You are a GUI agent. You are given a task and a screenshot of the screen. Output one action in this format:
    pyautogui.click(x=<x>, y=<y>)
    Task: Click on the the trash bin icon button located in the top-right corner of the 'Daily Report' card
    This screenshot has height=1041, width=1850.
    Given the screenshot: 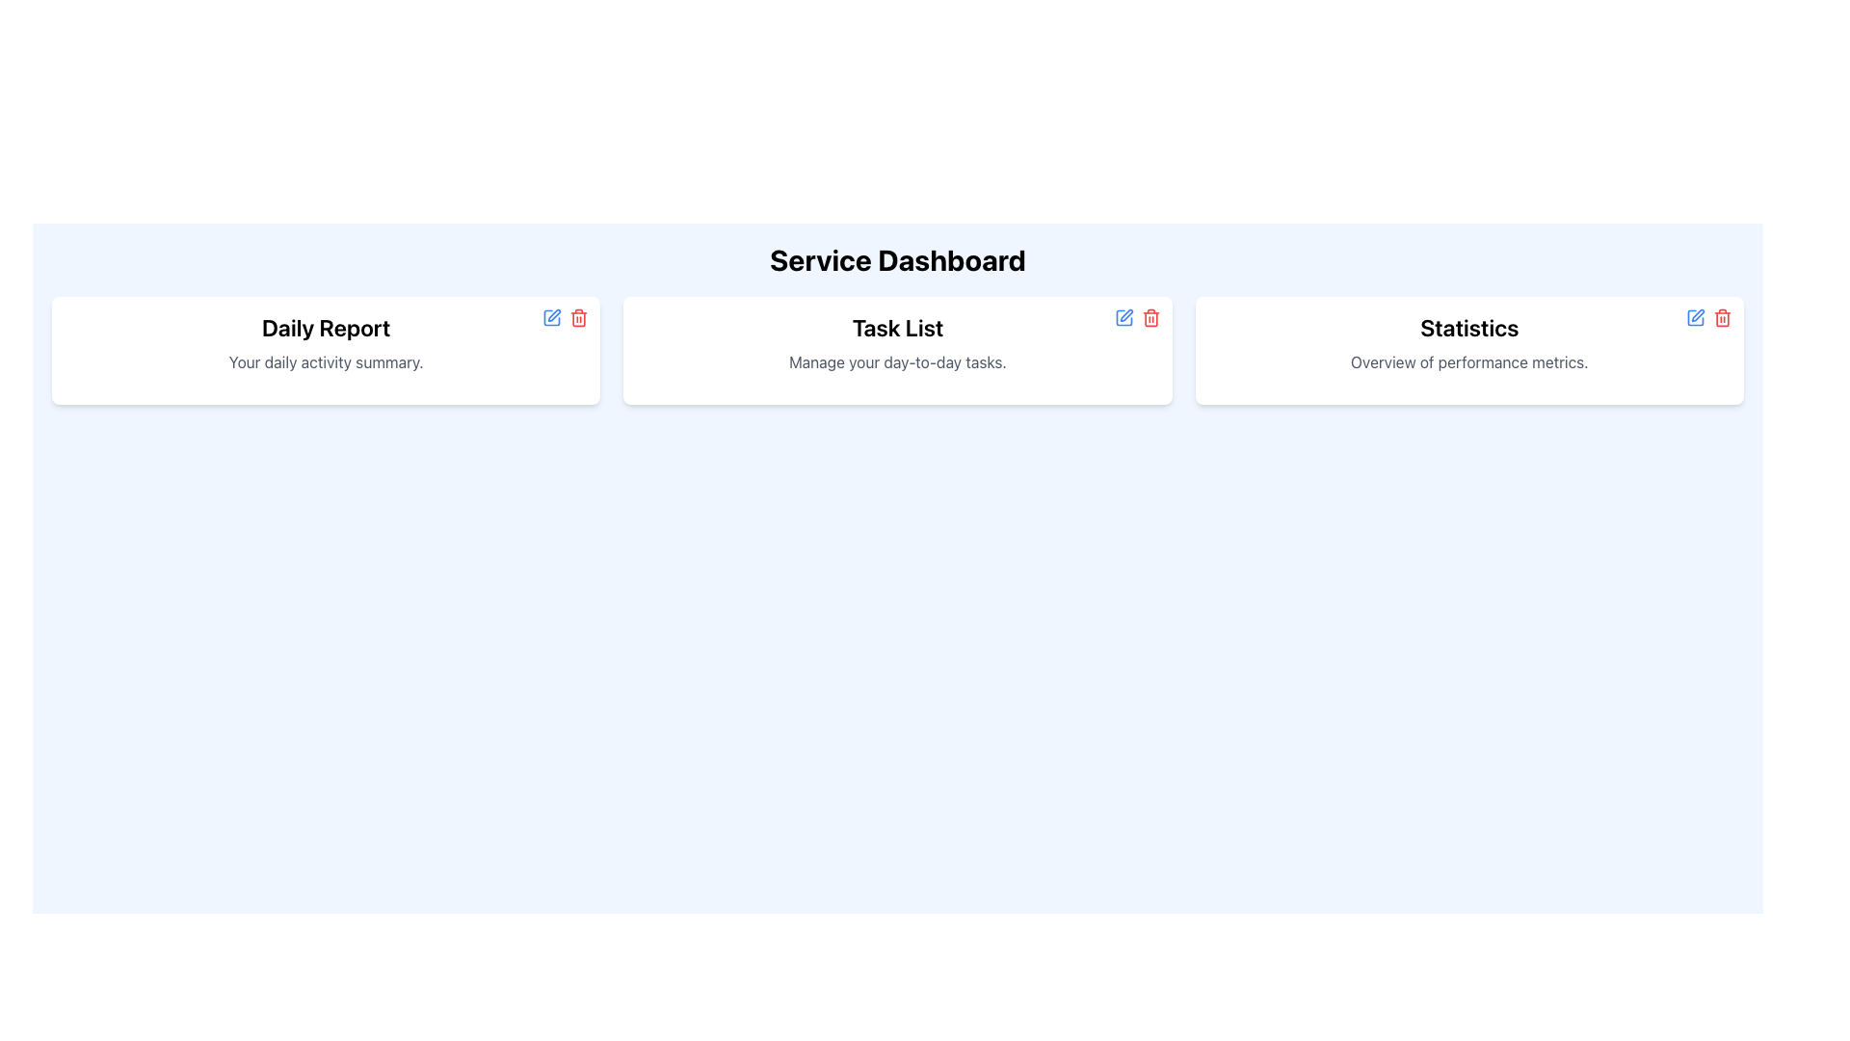 What is the action you would take?
    pyautogui.click(x=578, y=317)
    